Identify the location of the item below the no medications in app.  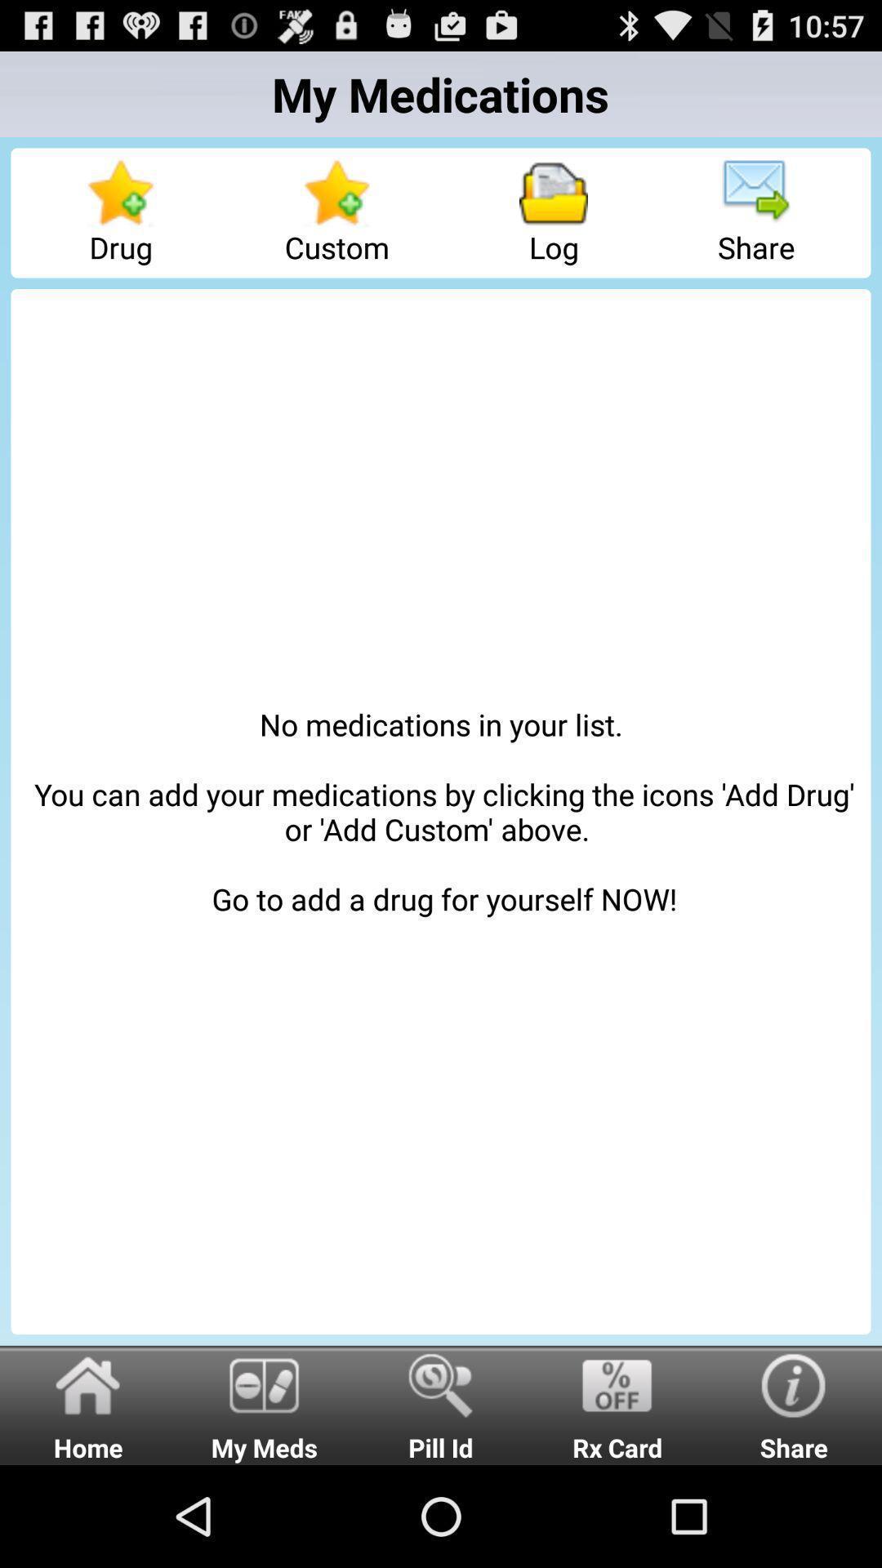
(617, 1404).